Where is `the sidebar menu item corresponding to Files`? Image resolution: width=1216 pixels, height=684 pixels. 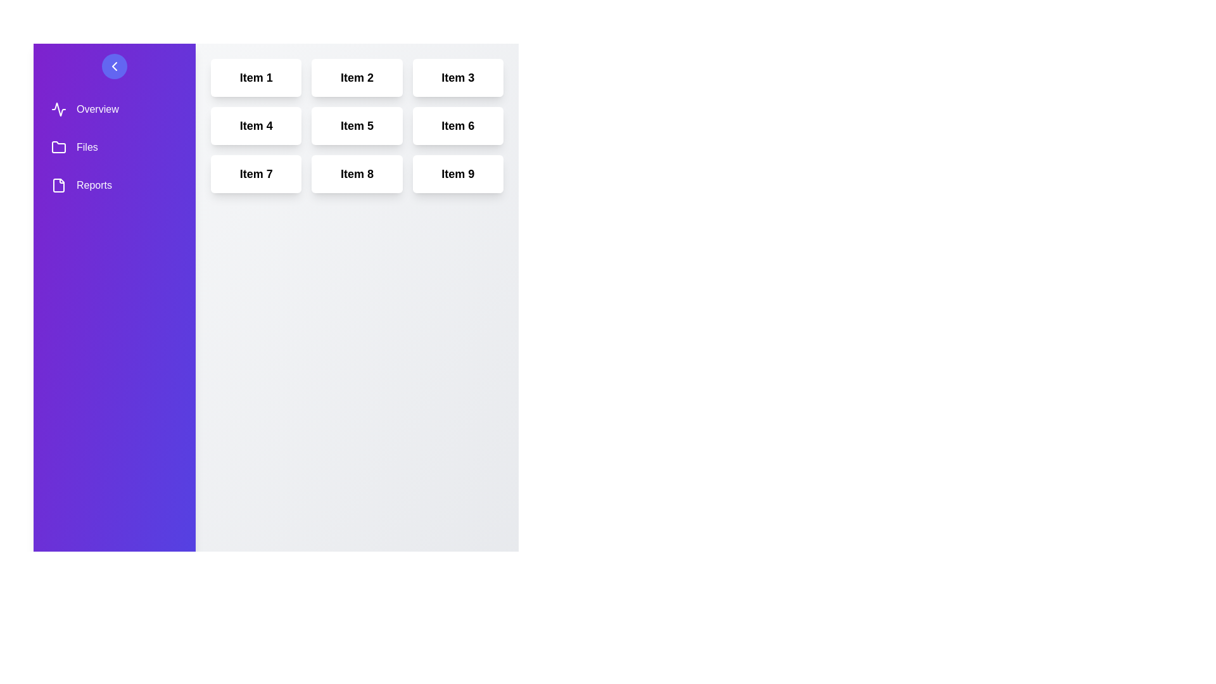
the sidebar menu item corresponding to Files is located at coordinates (115, 146).